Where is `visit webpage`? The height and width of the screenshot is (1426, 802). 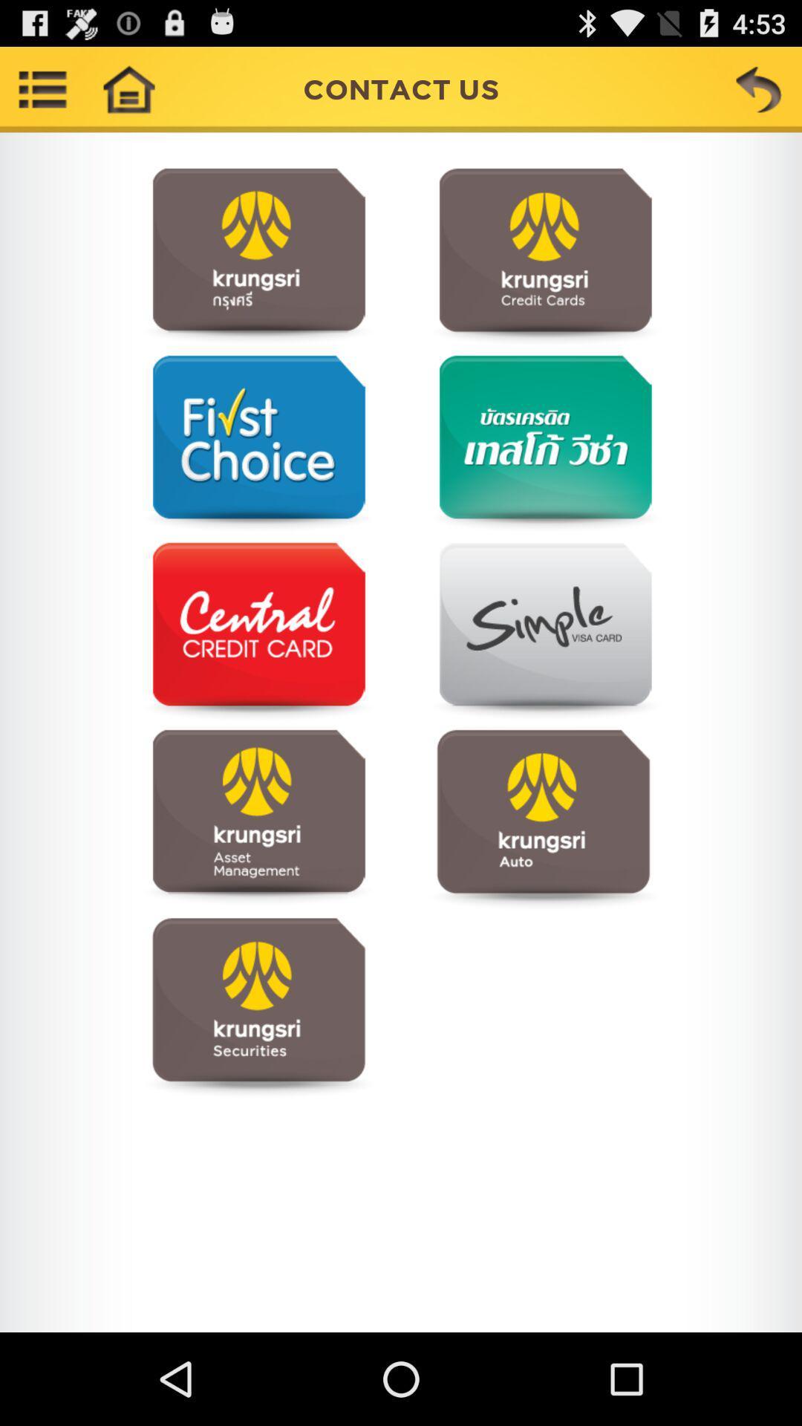
visit webpage is located at coordinates (258, 818).